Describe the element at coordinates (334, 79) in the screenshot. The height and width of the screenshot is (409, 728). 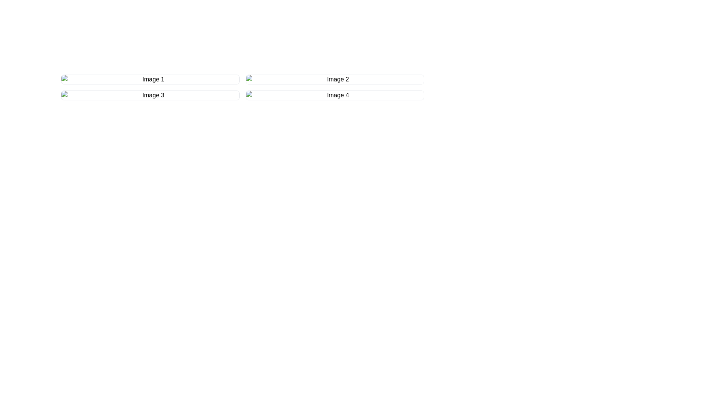
I see `the image labeled 'Image 2'` at that location.